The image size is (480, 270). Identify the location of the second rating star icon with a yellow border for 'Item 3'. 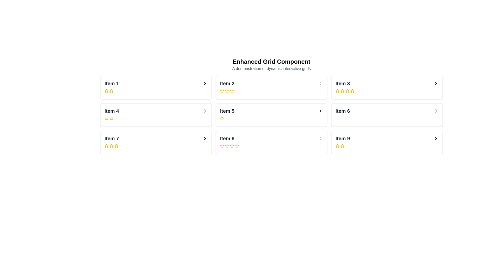
(347, 91).